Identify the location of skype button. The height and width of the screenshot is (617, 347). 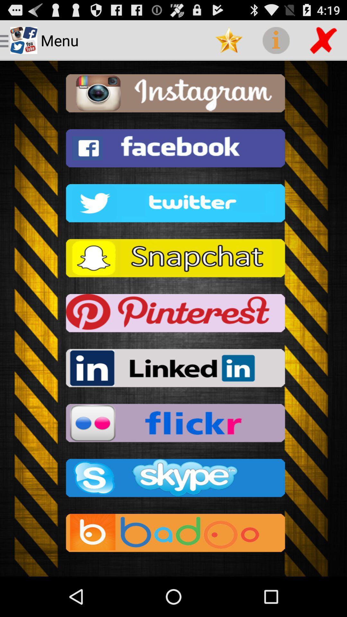
(173, 480).